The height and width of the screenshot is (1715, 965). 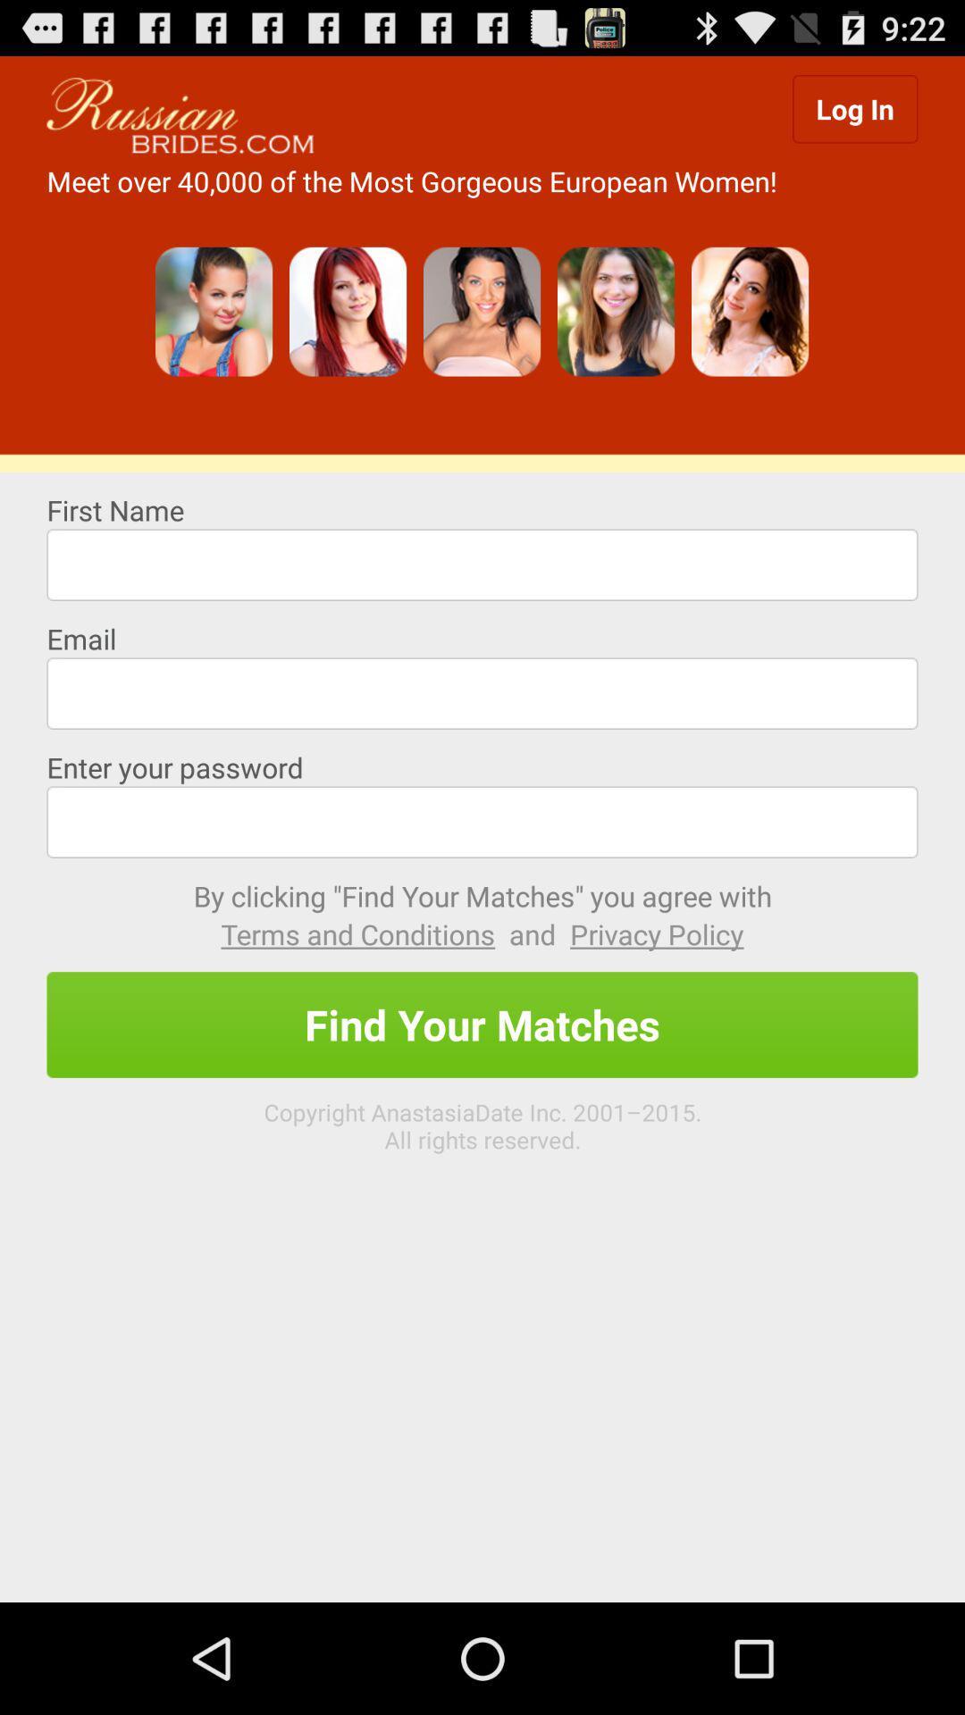 I want to click on email address, so click(x=482, y=692).